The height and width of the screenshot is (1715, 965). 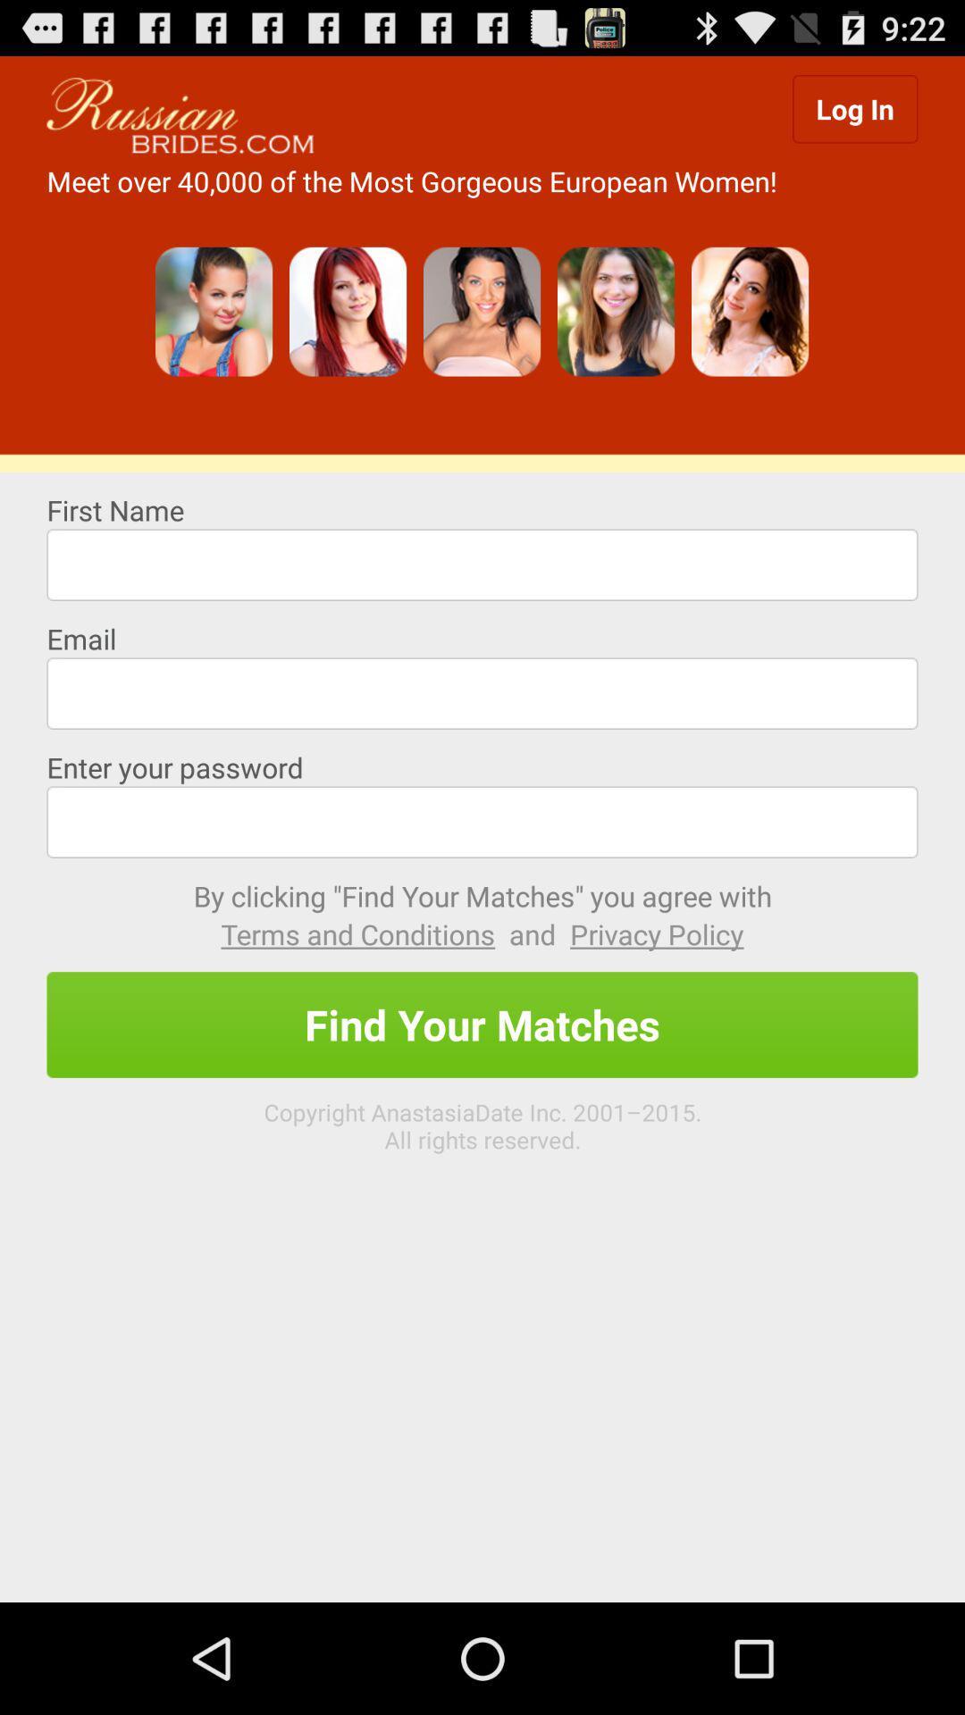 I want to click on email address, so click(x=482, y=692).